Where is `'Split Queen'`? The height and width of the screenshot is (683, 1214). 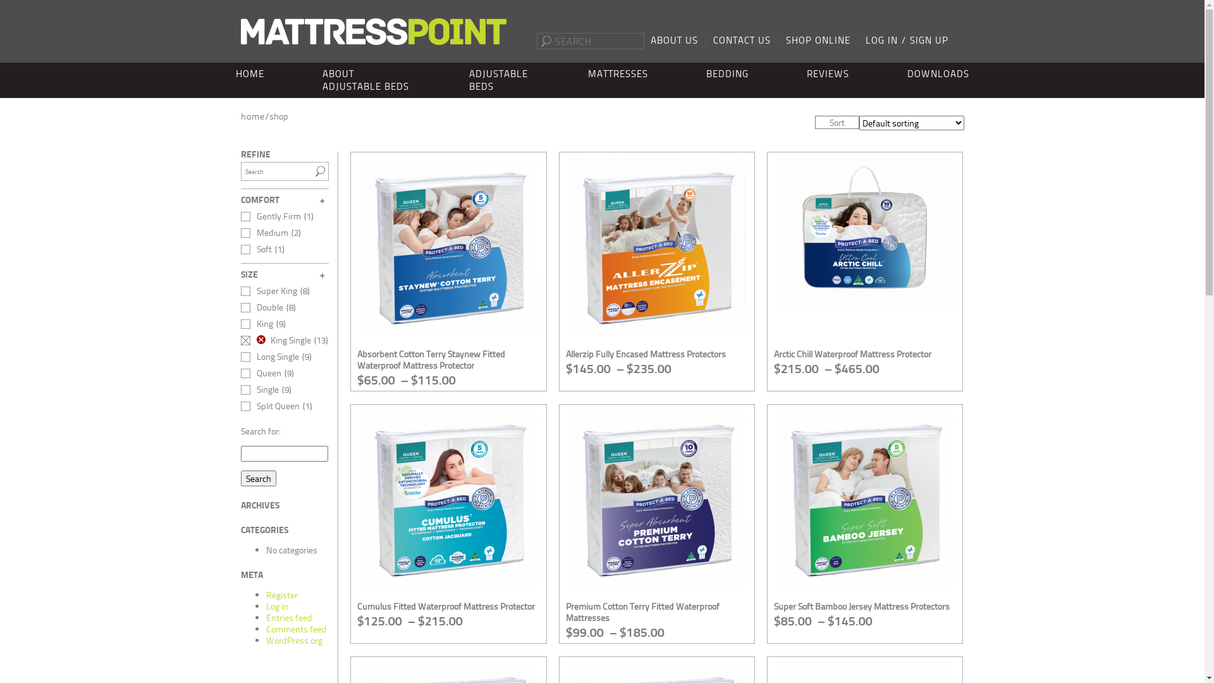 'Split Queen' is located at coordinates (269, 405).